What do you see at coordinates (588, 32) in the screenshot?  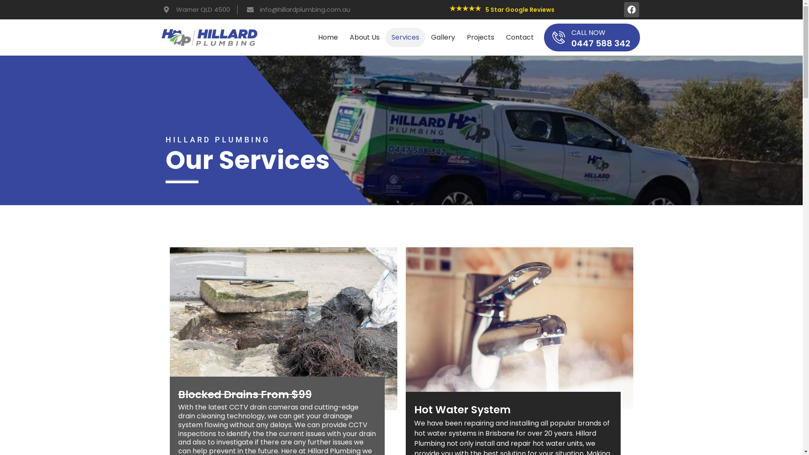 I see `'CALL NOW'` at bounding box center [588, 32].